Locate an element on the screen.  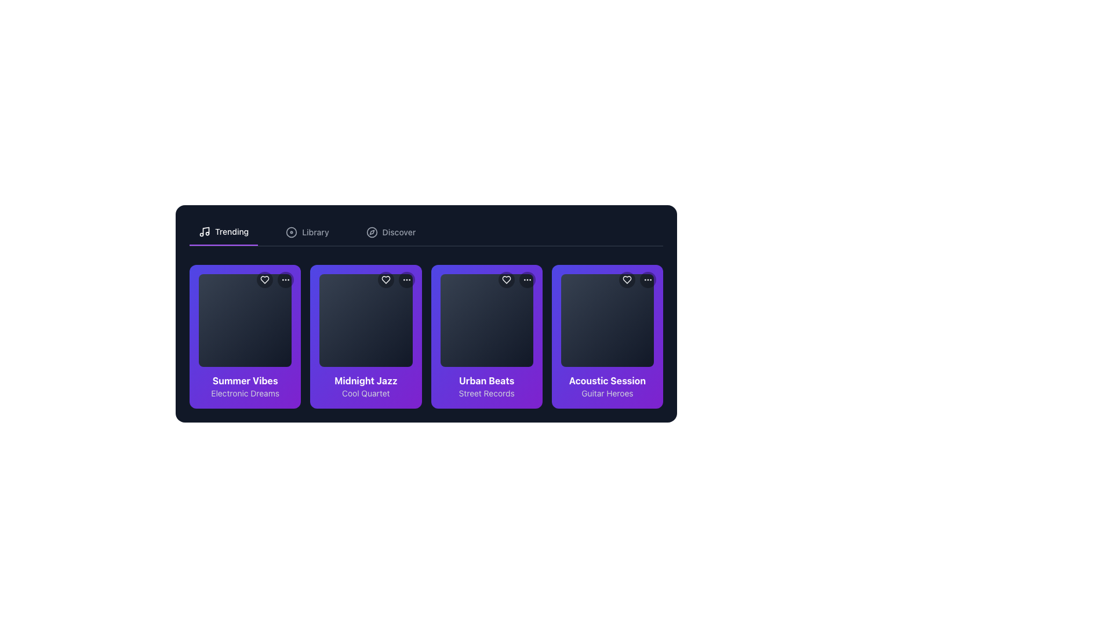
the circular icon with a double circle design located in the navigation bar, next to the text 'Library' is located at coordinates (292, 232).